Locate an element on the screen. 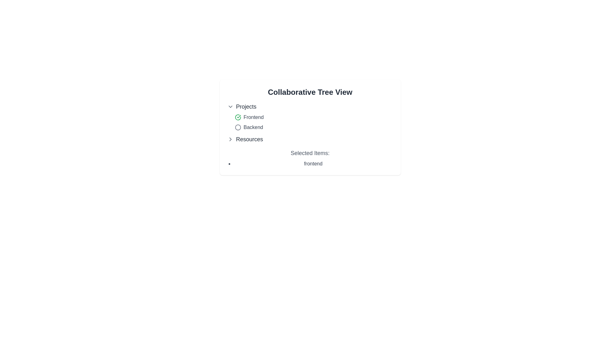  the hollow circle SVG graphic located next to the 'Backend' label in the 'Projects' section of the tree view is located at coordinates (237, 127).